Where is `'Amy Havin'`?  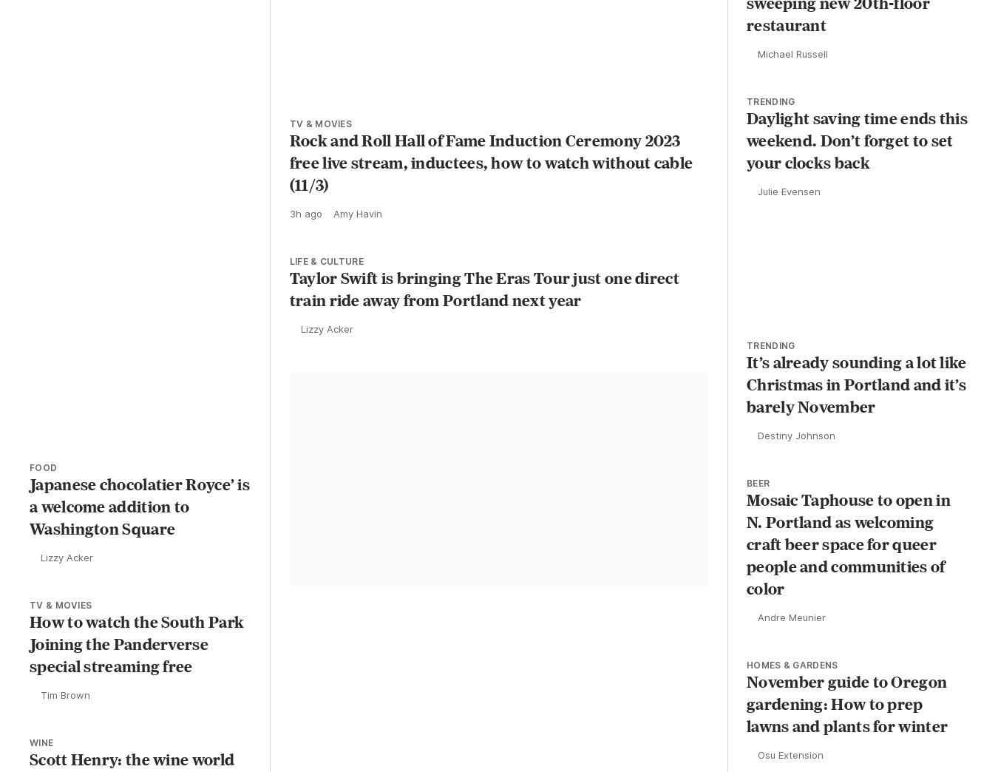
'Amy Havin' is located at coordinates (356, 243).